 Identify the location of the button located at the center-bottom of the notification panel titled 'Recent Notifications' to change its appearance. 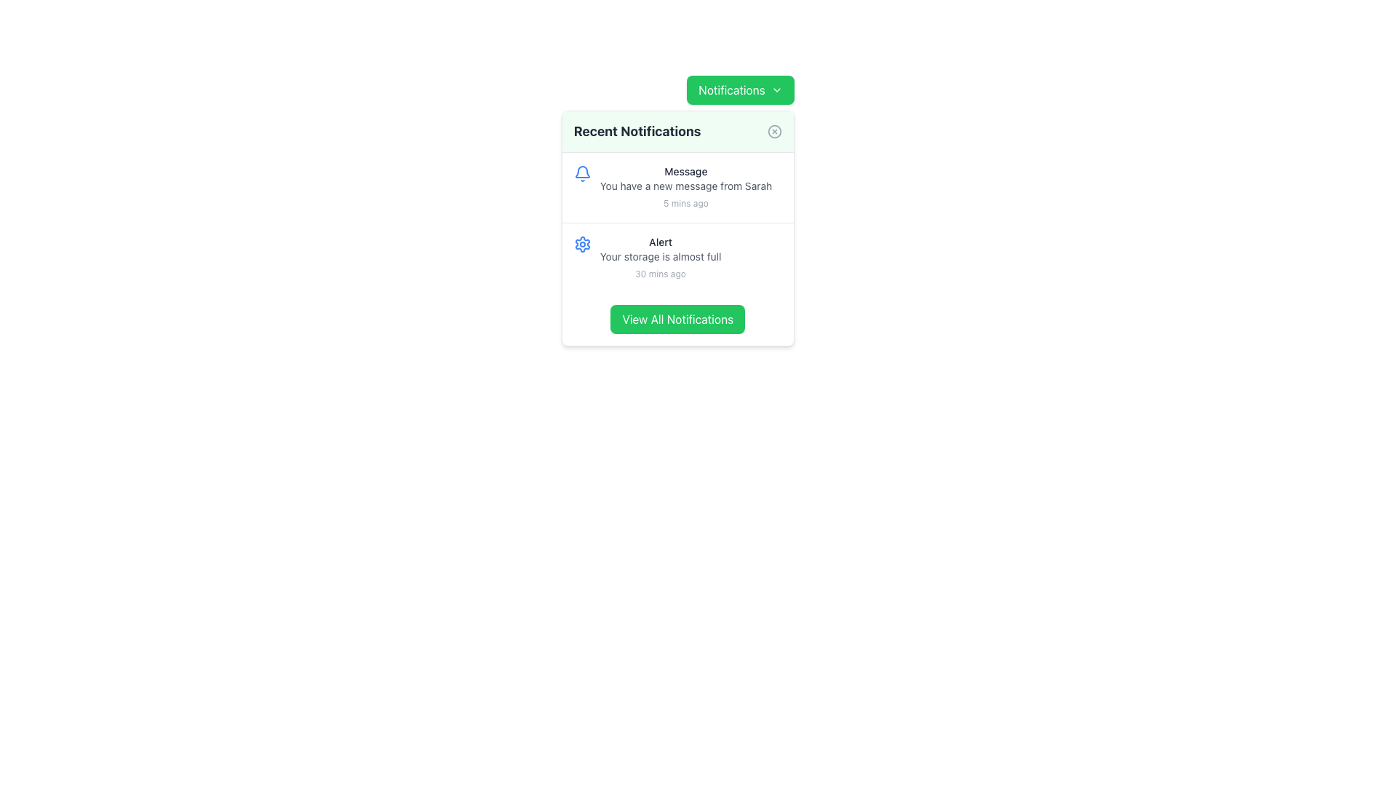
(677, 319).